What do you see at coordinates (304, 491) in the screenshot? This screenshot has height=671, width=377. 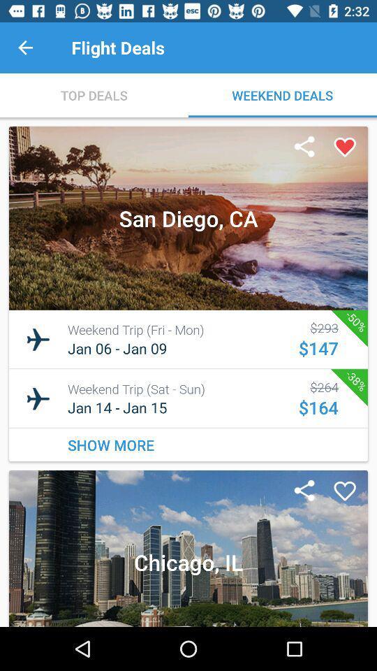 I see `share the deal` at bounding box center [304, 491].